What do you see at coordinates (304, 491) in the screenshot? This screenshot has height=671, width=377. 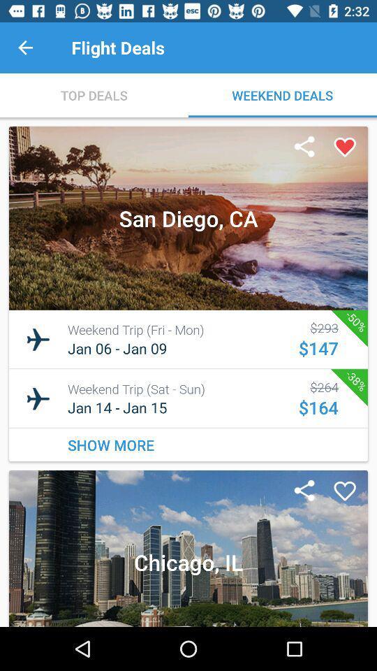 I see `share the deal` at bounding box center [304, 491].